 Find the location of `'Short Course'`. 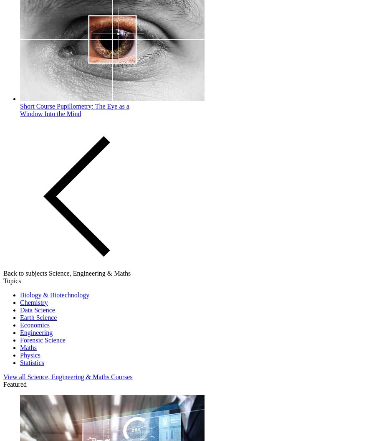

'Short Course' is located at coordinates (37, 105).